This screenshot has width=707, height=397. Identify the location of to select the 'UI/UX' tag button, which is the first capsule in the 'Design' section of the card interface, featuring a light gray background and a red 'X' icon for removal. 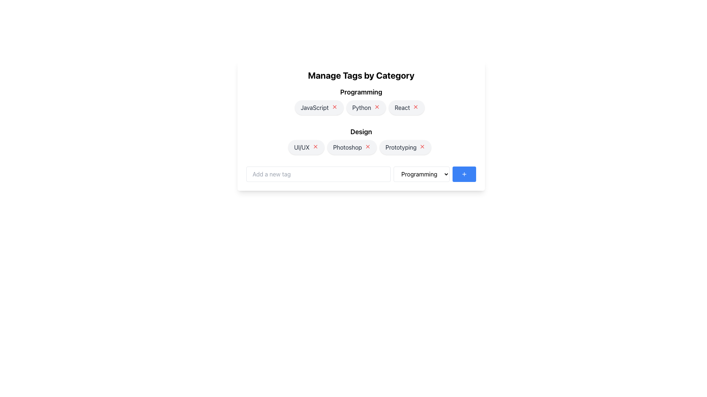
(306, 147).